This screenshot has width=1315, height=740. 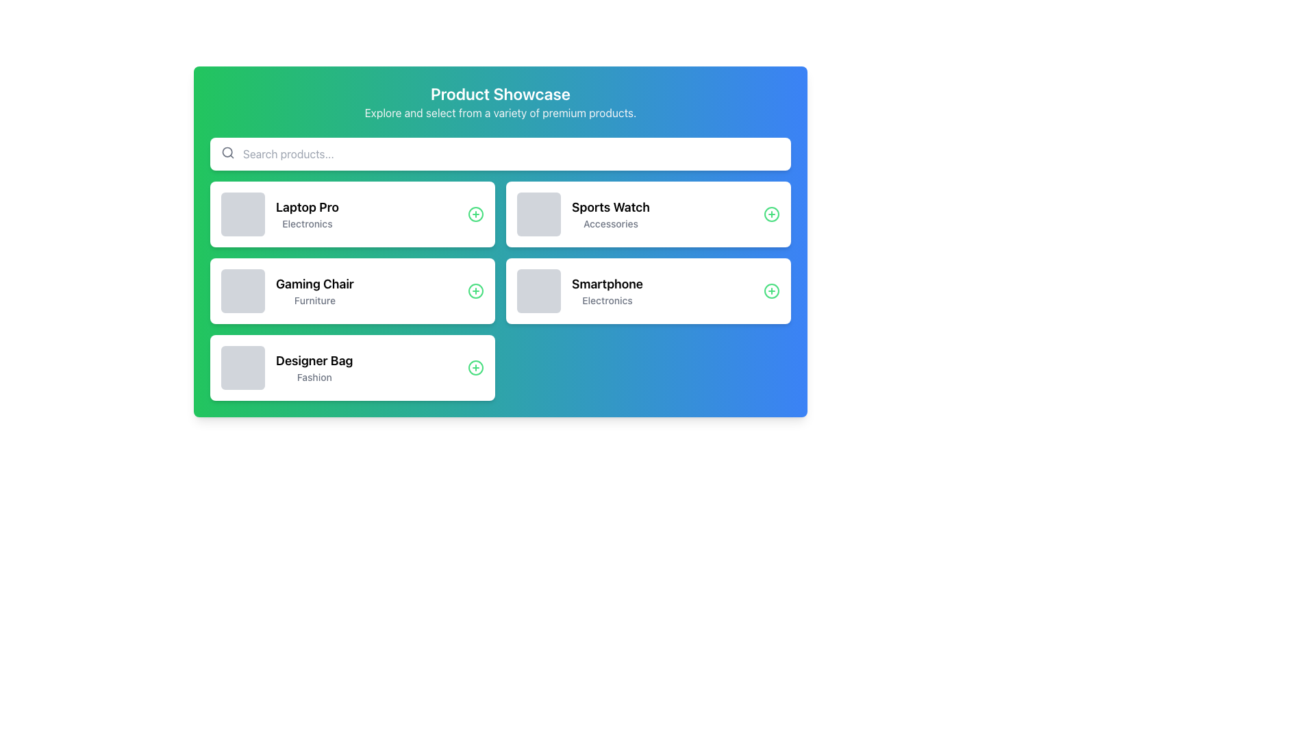 I want to click on the title and category descriptor for the product card labeled 'Laptop Pro' in the top-left card of the grid layout, so click(x=306, y=214).